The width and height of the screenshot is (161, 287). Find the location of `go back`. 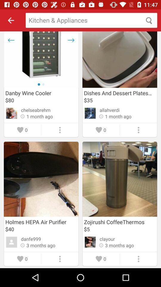

go back is located at coordinates (11, 20).